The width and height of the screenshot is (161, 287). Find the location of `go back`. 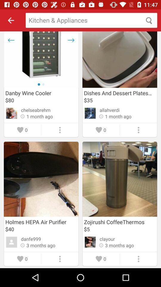

go back is located at coordinates (11, 20).